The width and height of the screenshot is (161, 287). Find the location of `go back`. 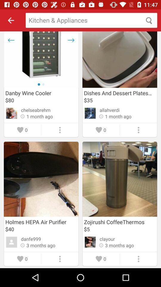

go back is located at coordinates (11, 20).